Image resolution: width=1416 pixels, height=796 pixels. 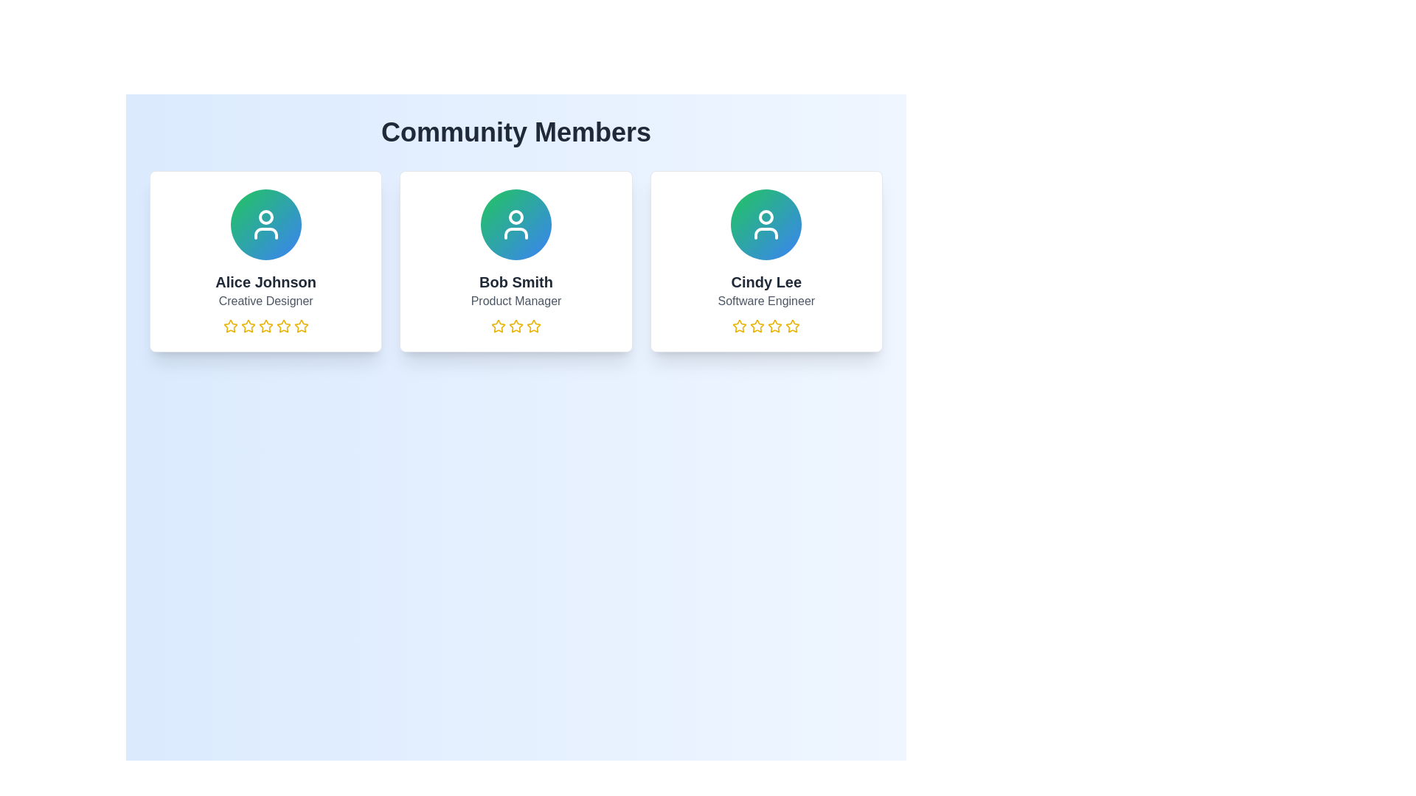 What do you see at coordinates (766, 224) in the screenshot?
I see `the SVG User Icon depicting a person, which is located within the circular frame of the rightmost card for 'Cindy Lee'` at bounding box center [766, 224].